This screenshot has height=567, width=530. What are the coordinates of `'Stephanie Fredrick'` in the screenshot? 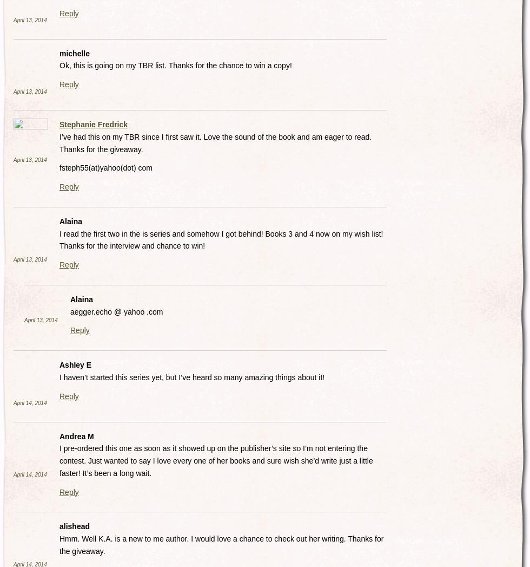 It's located at (93, 124).